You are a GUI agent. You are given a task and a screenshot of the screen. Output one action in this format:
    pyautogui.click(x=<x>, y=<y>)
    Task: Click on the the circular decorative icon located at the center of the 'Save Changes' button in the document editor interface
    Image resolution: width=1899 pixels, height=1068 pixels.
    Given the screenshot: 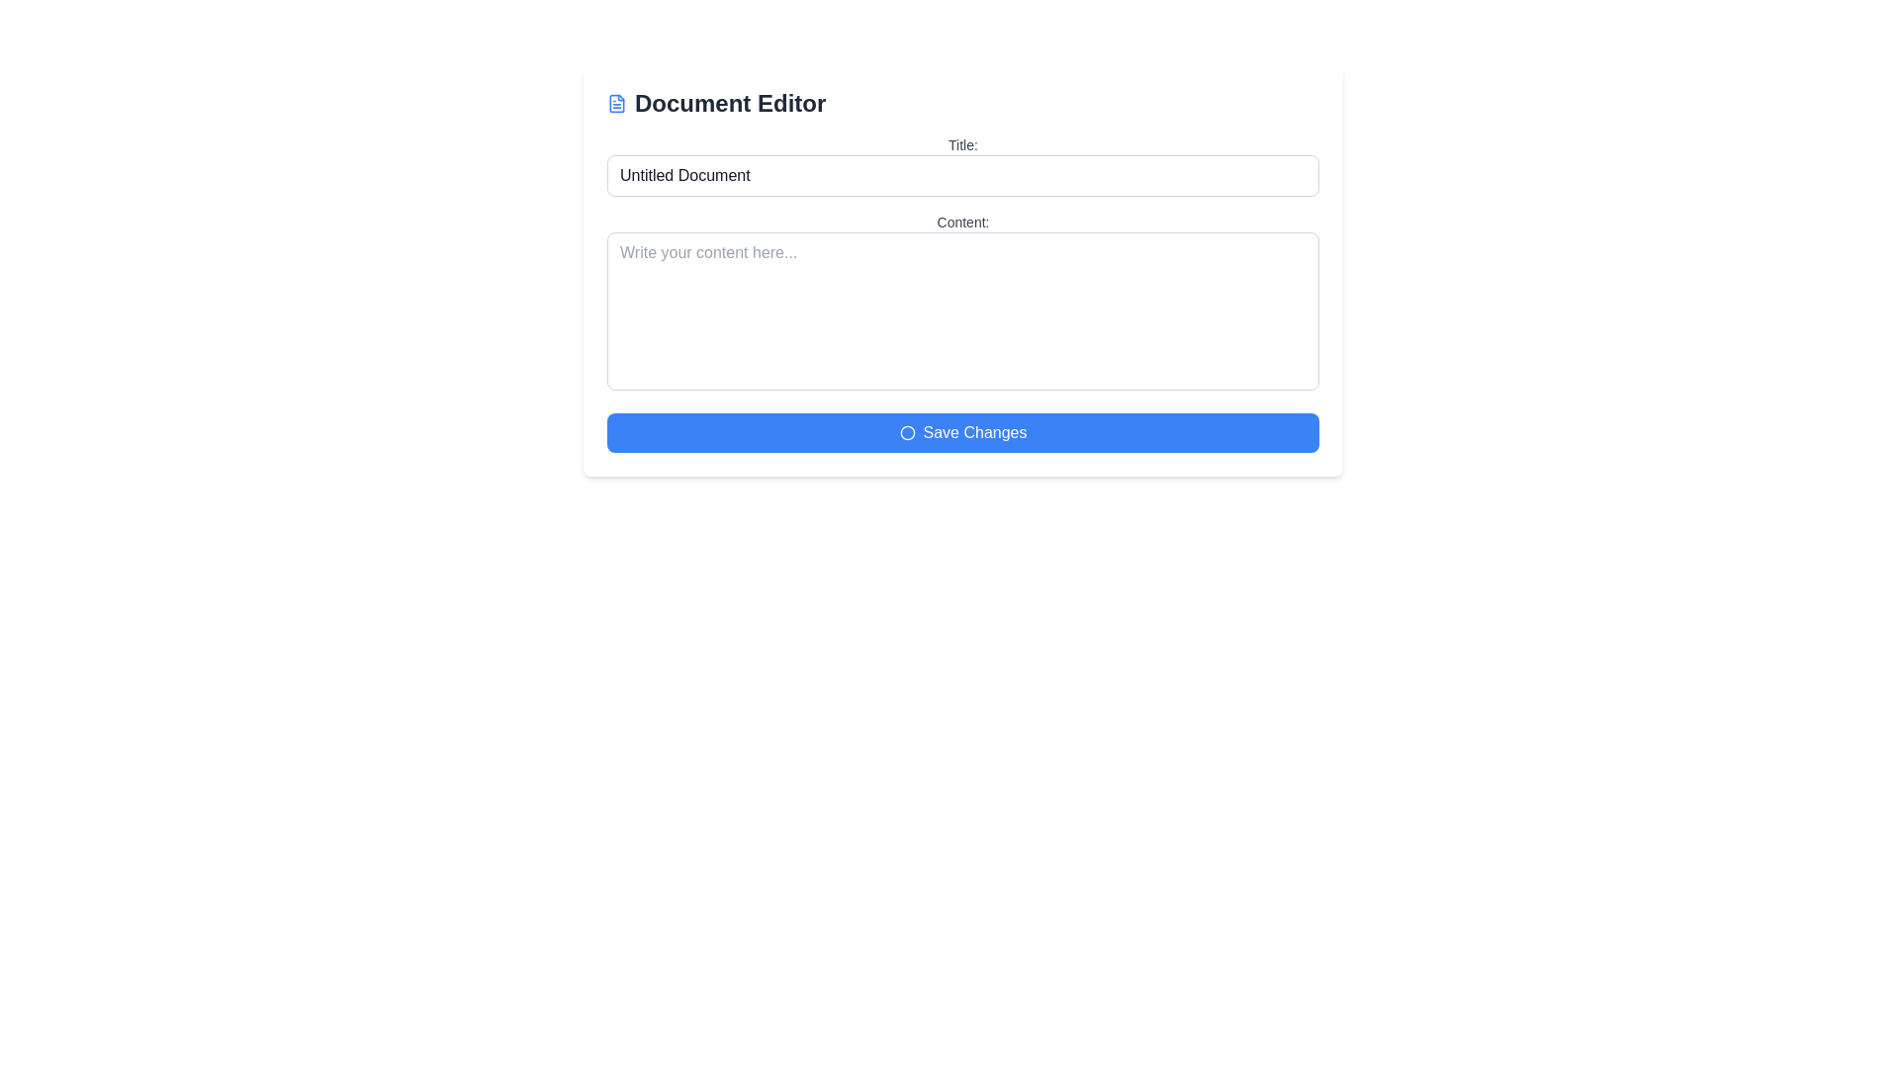 What is the action you would take?
    pyautogui.click(x=906, y=432)
    